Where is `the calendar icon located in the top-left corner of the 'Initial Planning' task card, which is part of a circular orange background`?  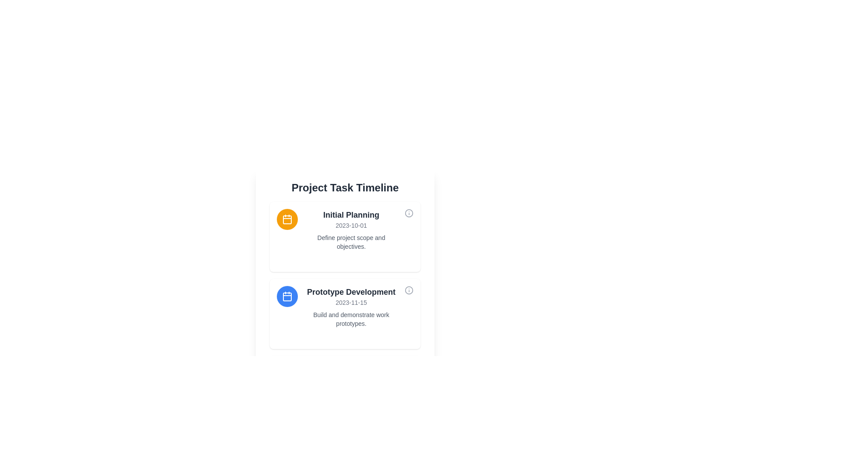
the calendar icon located in the top-left corner of the 'Initial Planning' task card, which is part of a circular orange background is located at coordinates (287, 219).